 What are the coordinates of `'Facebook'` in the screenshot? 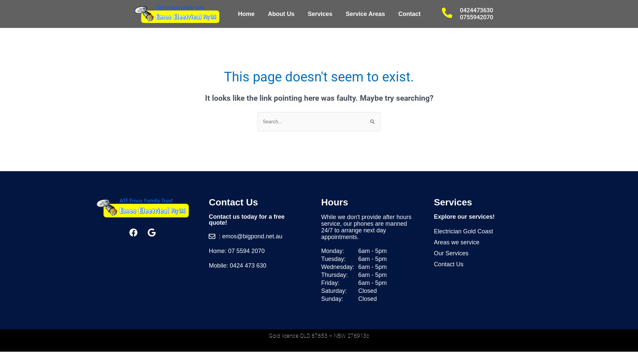 It's located at (133, 232).